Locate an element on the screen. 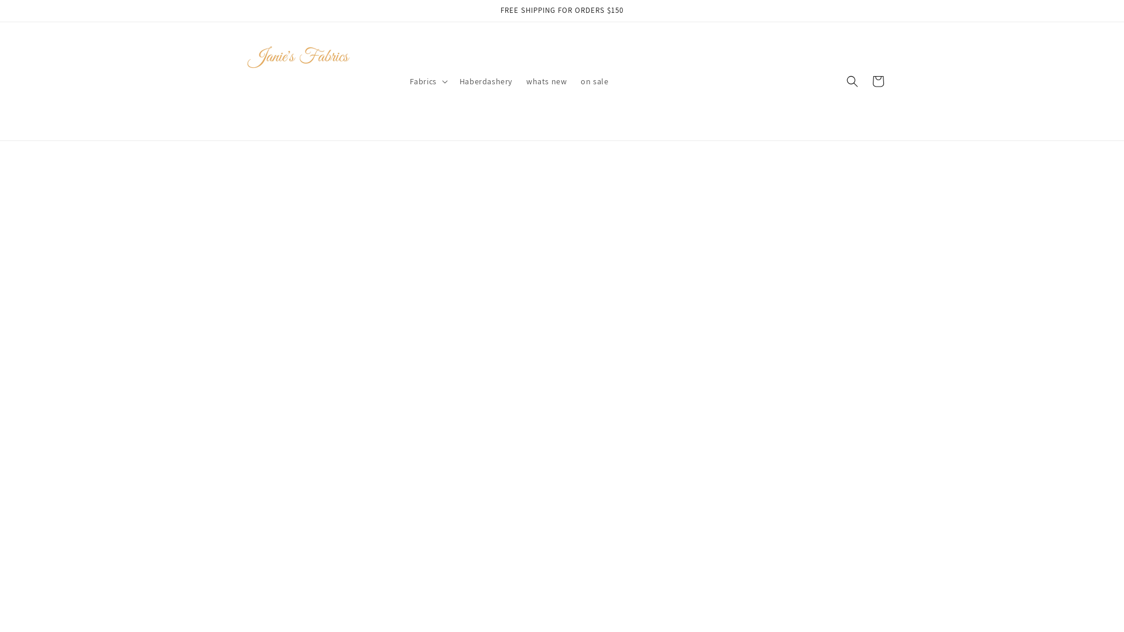  'on sale' is located at coordinates (594, 80).